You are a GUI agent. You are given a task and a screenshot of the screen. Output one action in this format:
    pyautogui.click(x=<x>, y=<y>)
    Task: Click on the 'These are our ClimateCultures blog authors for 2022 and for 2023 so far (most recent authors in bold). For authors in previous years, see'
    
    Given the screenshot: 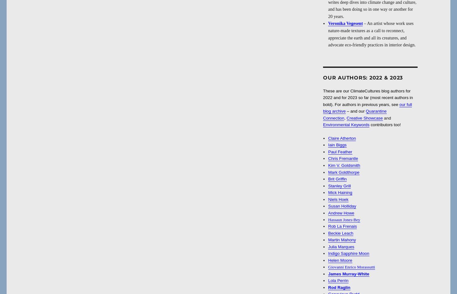 What is the action you would take?
    pyautogui.click(x=367, y=97)
    